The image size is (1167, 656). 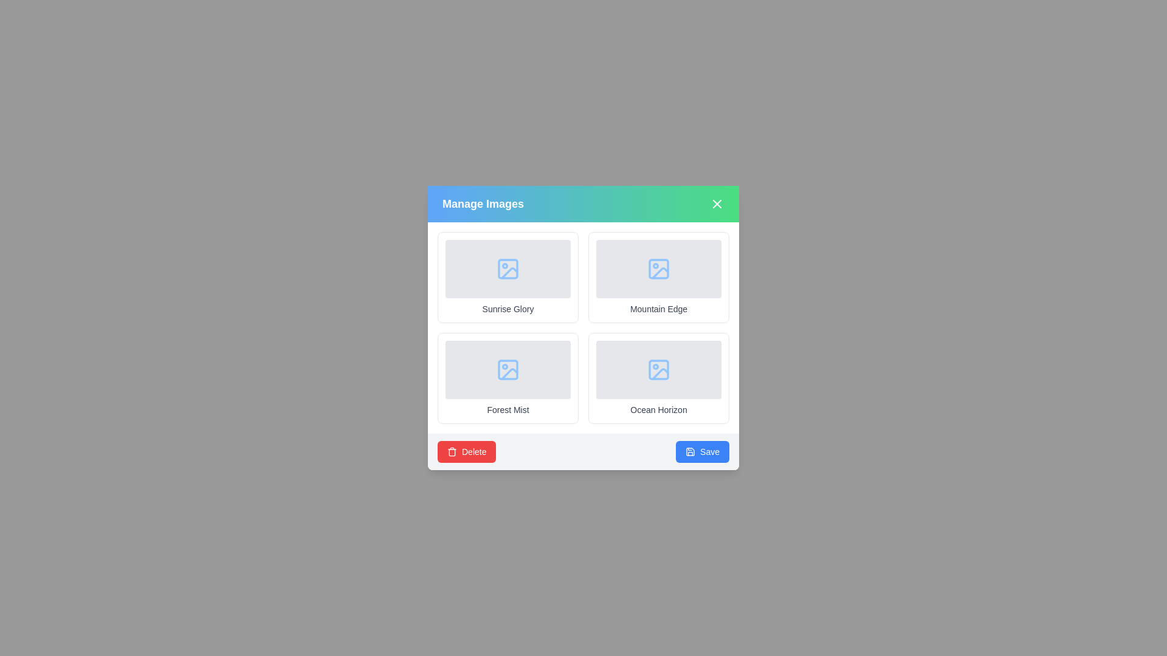 I want to click on the 'Sunrise Glory' icon, which is a simplistic image placeholder styled with a rectangle and a circle in the top left corner, located in the top-left of the grid in the 'Manage Images' modal, so click(x=508, y=268).